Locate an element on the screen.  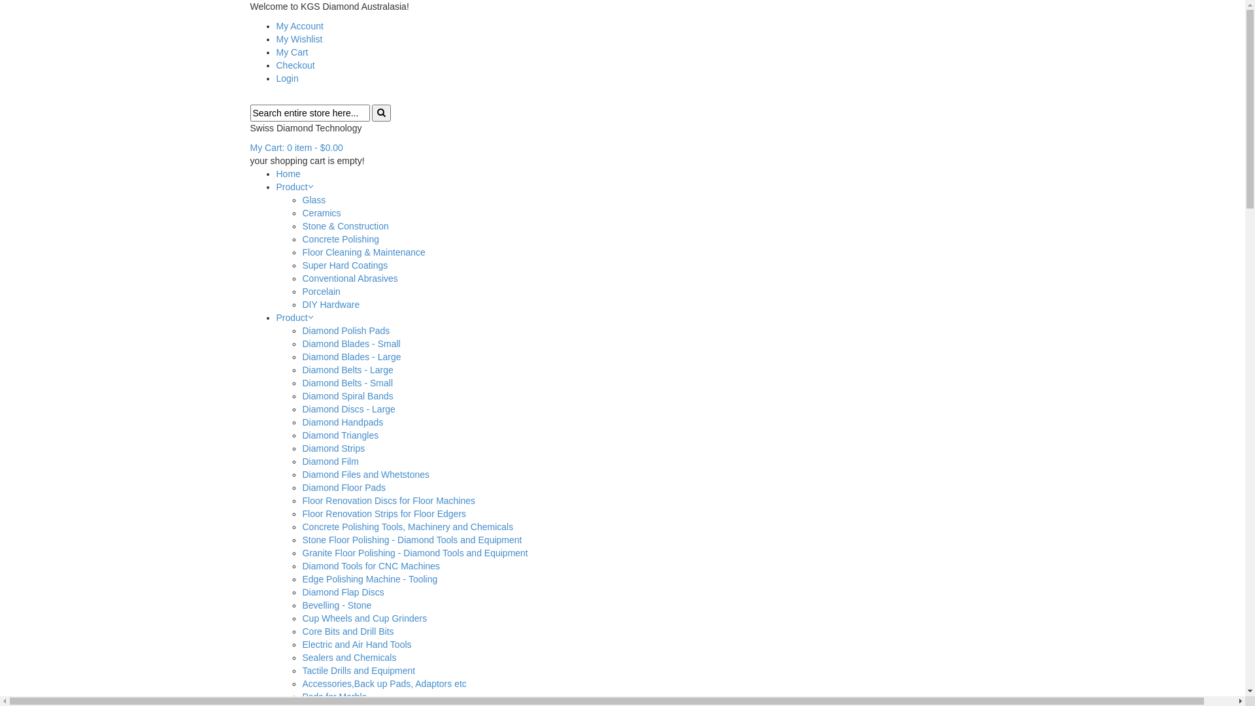
'Diamond Blades - Large' is located at coordinates (301, 357).